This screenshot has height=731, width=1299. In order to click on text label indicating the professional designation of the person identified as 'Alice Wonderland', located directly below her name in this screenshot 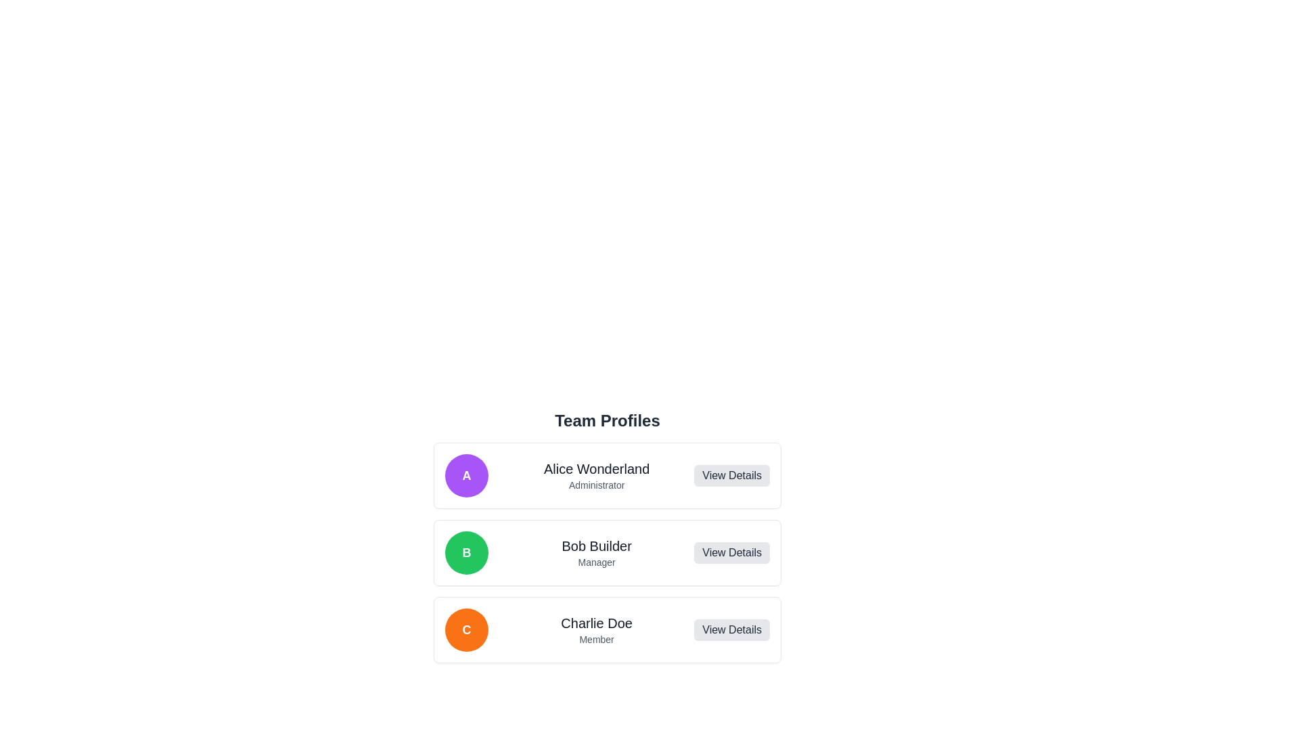, I will do `click(596, 485)`.